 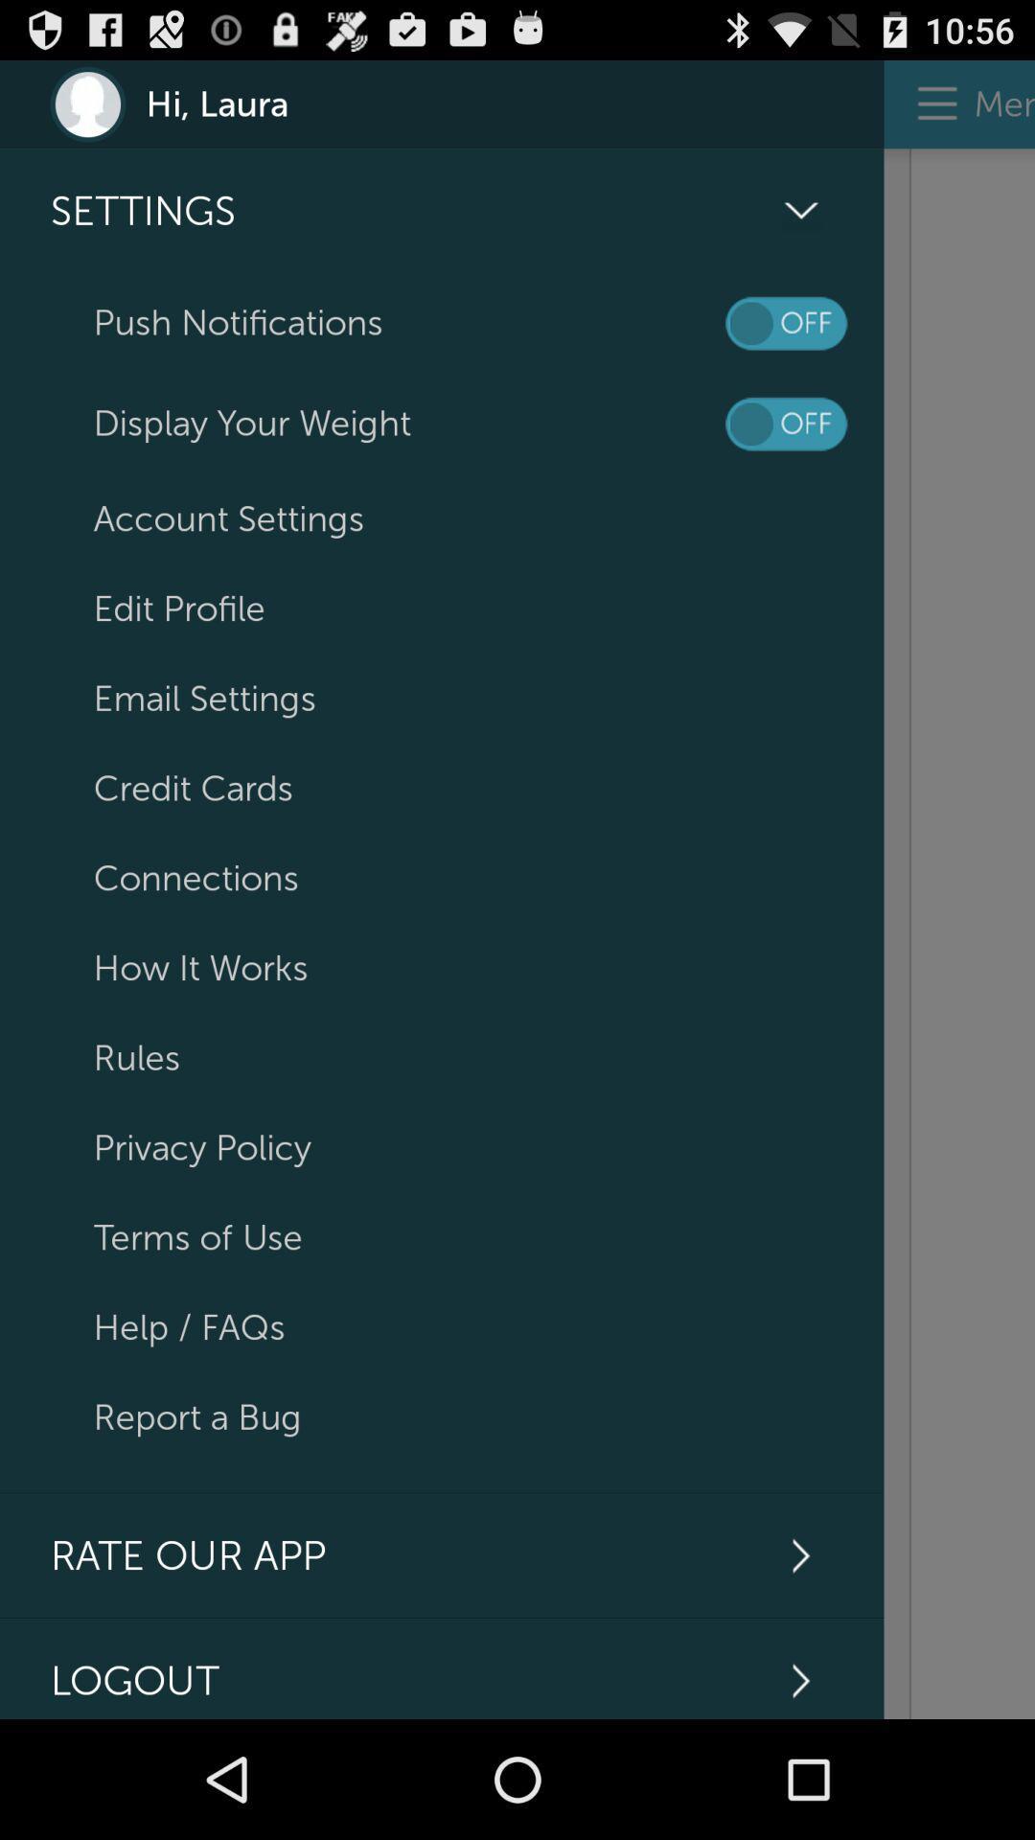 I want to click on turn on/off weight display, so click(x=786, y=423).